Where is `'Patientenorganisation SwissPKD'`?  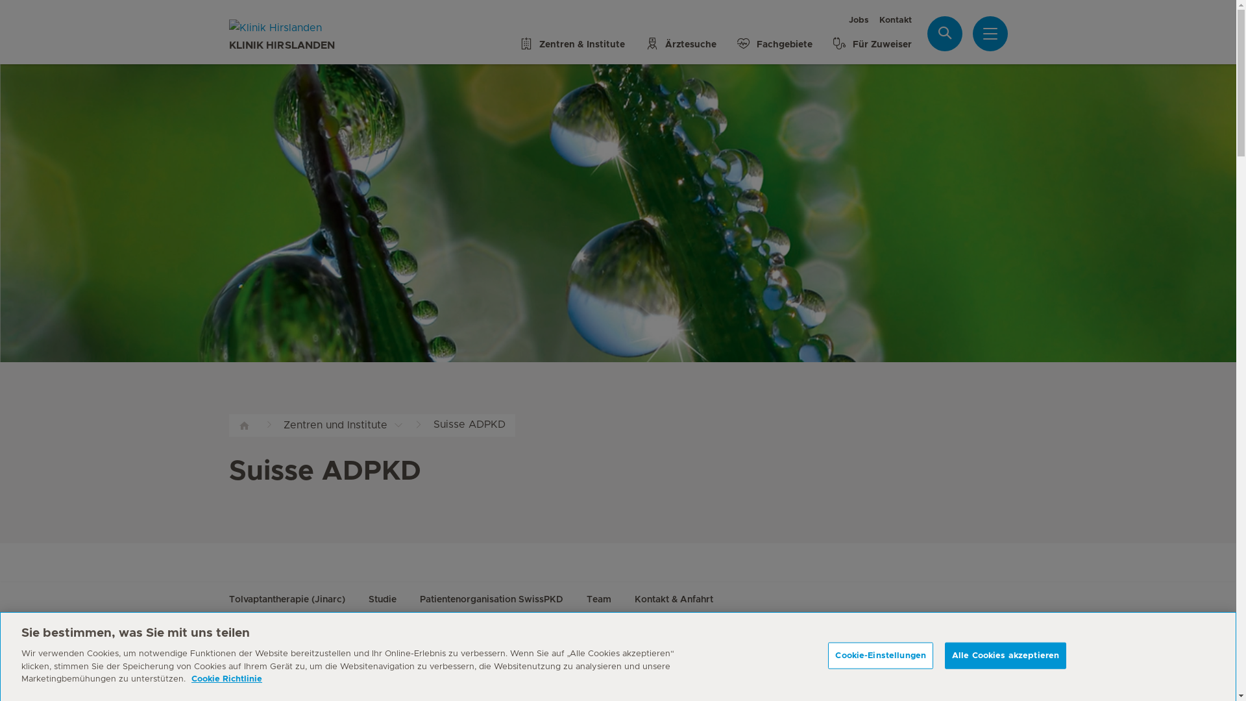
'Patientenorganisation SwissPKD' is located at coordinates (490, 600).